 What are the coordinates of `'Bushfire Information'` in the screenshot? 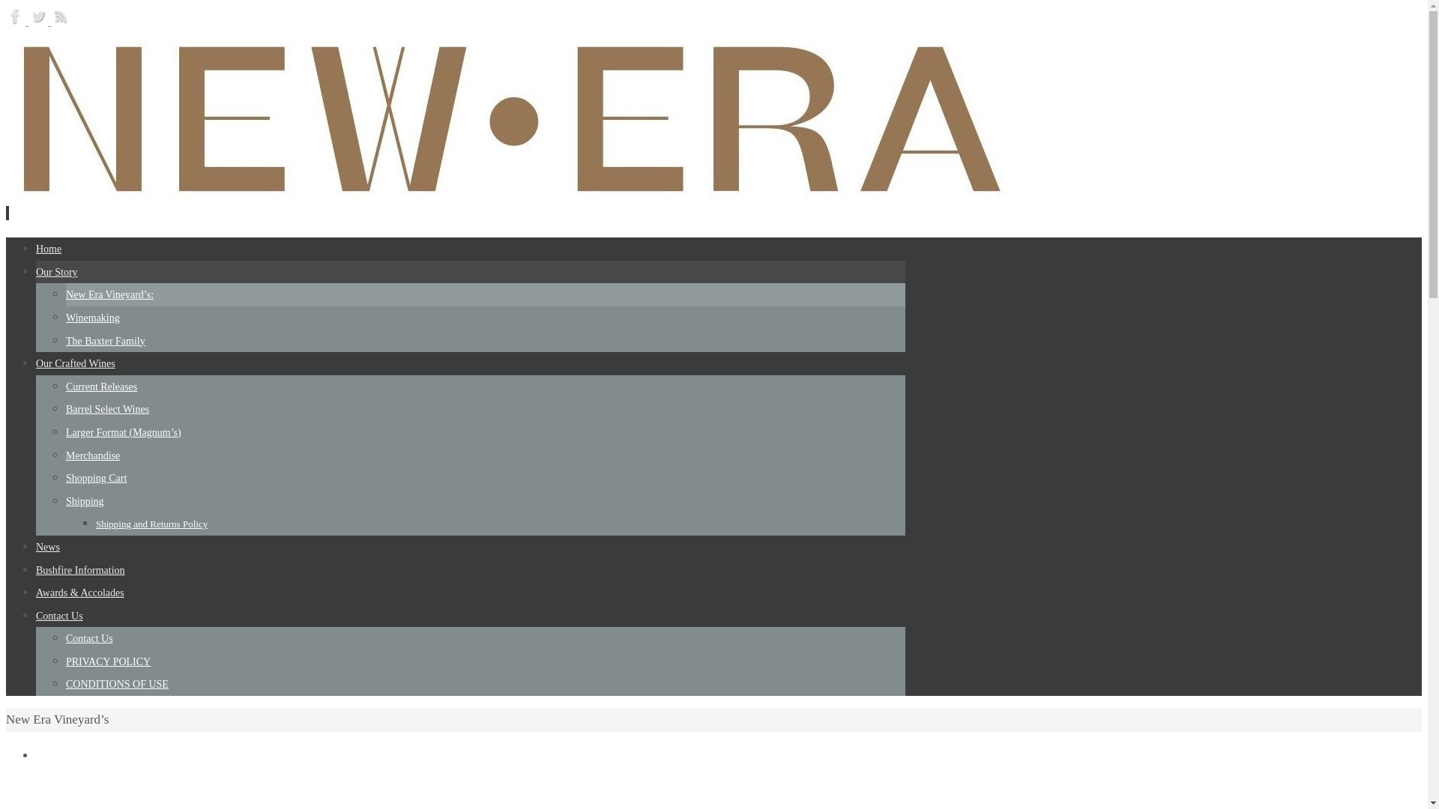 It's located at (79, 570).